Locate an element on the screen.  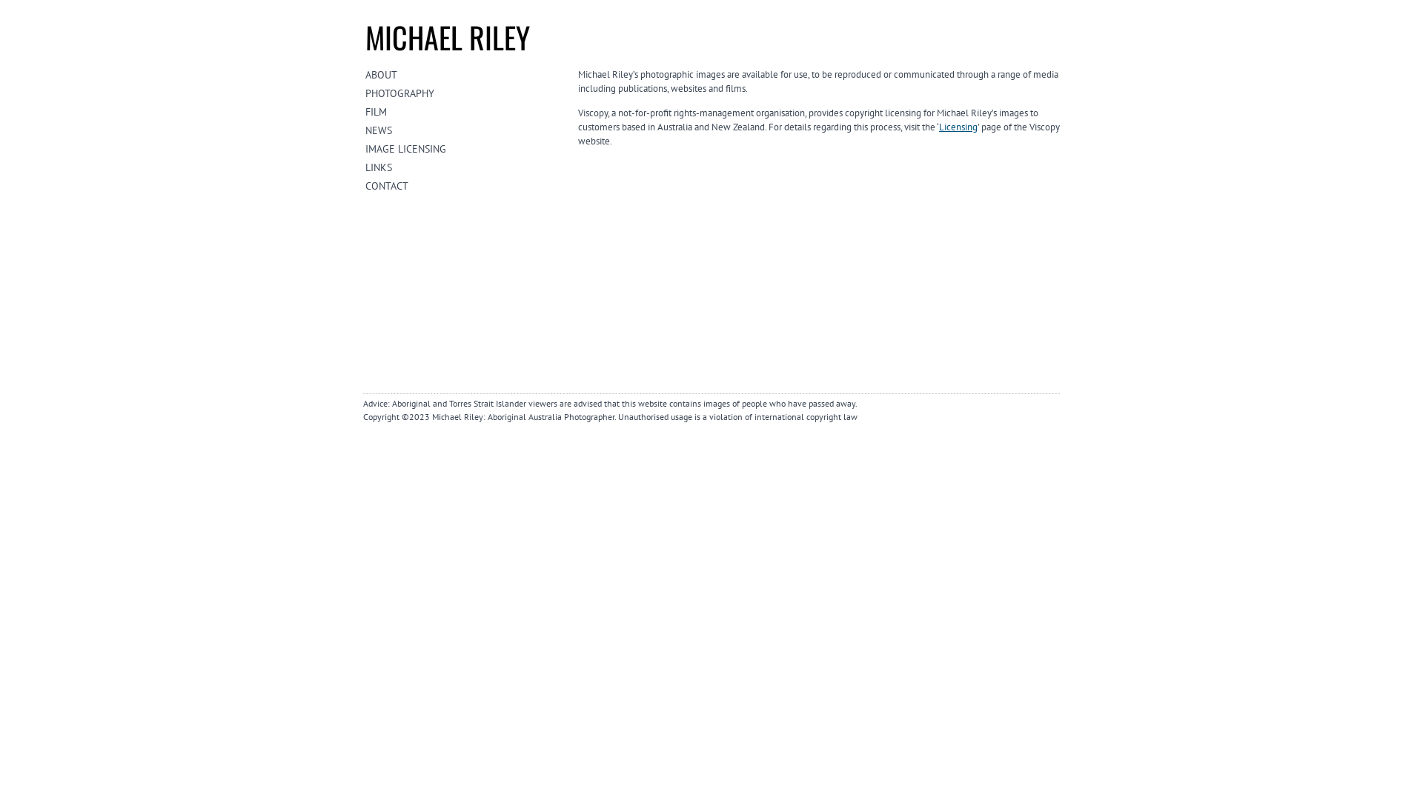
'Michael Riley: Aboriginal Australia Photographer.' is located at coordinates (431, 416).